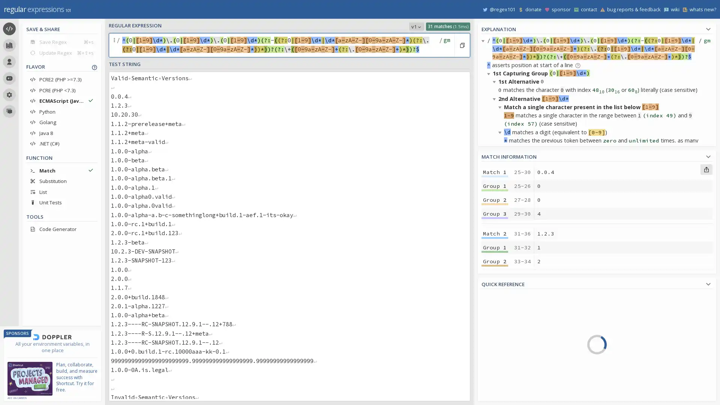 The image size is (720, 405). What do you see at coordinates (61, 42) in the screenshot?
I see `Save Regex +s` at bounding box center [61, 42].